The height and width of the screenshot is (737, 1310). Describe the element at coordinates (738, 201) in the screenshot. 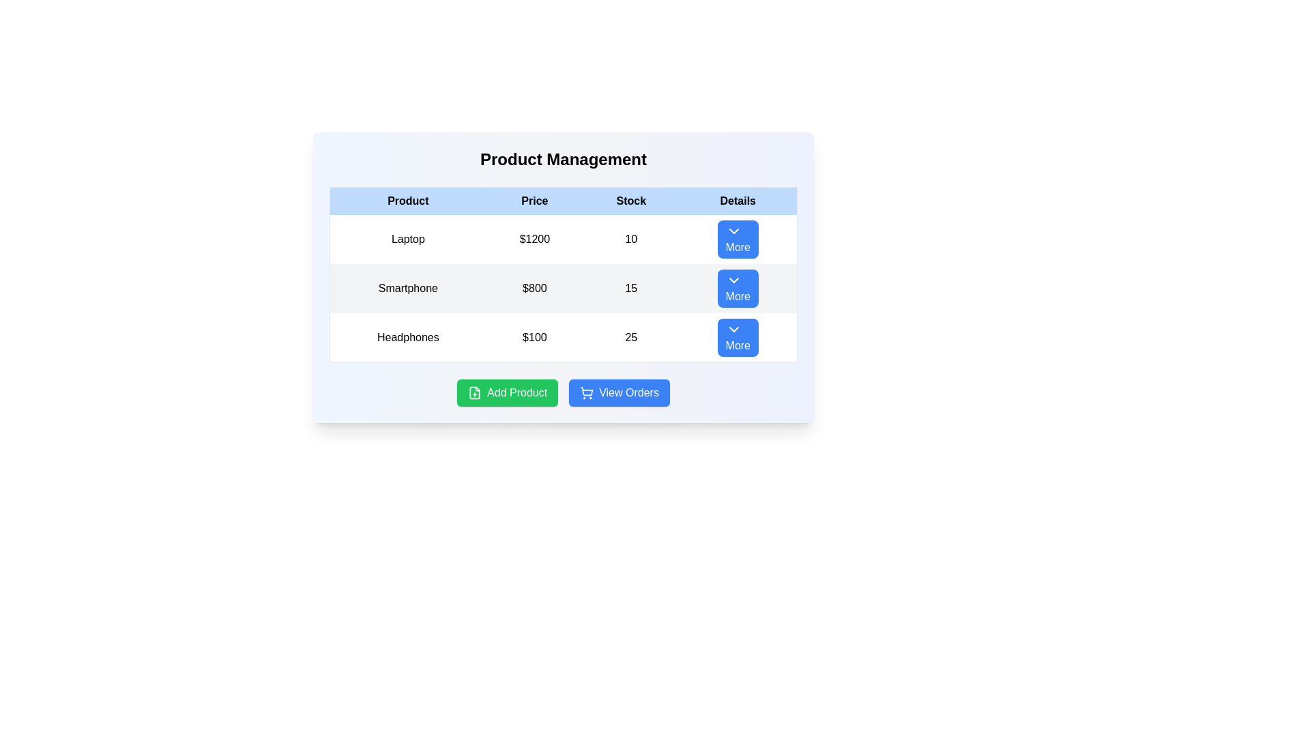

I see `the 'Details' text label in the upper-right corner of the table header, which is displayed in bold black font on a light blue background` at that location.